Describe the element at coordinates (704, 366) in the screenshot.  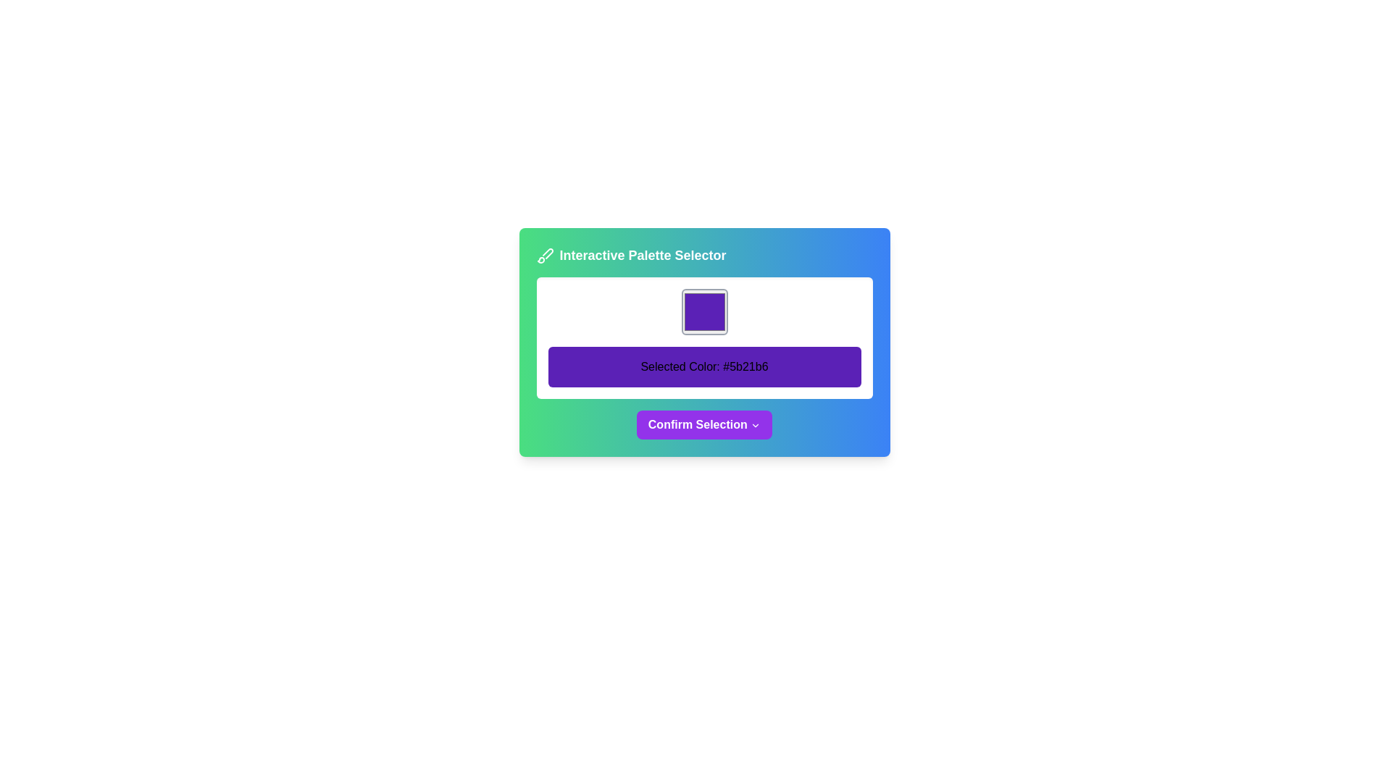
I see `the Text Label displaying the hexadecimal color code, which is located below the color preview box and above the 'Confirm Selection' button in the central section of the interface` at that location.